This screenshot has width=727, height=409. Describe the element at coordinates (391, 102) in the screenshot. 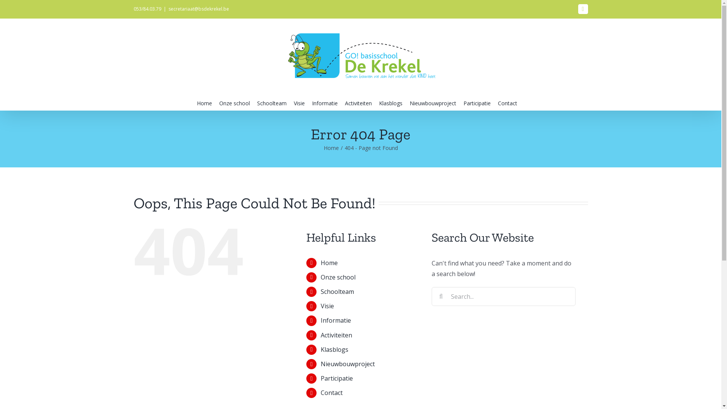

I see `'Klasblogs'` at that location.